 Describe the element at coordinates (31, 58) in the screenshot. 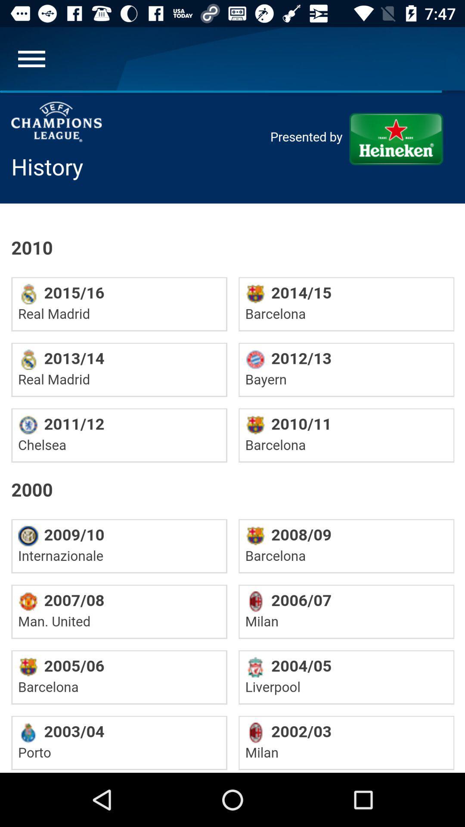

I see `menu page` at that location.